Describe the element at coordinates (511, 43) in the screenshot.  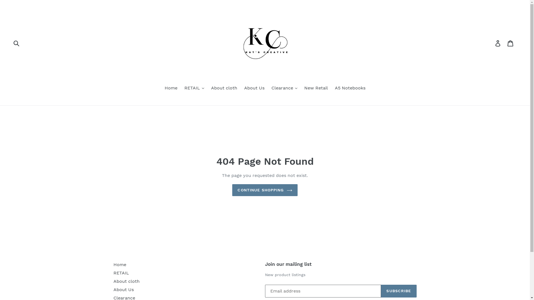
I see `'Cart'` at that location.